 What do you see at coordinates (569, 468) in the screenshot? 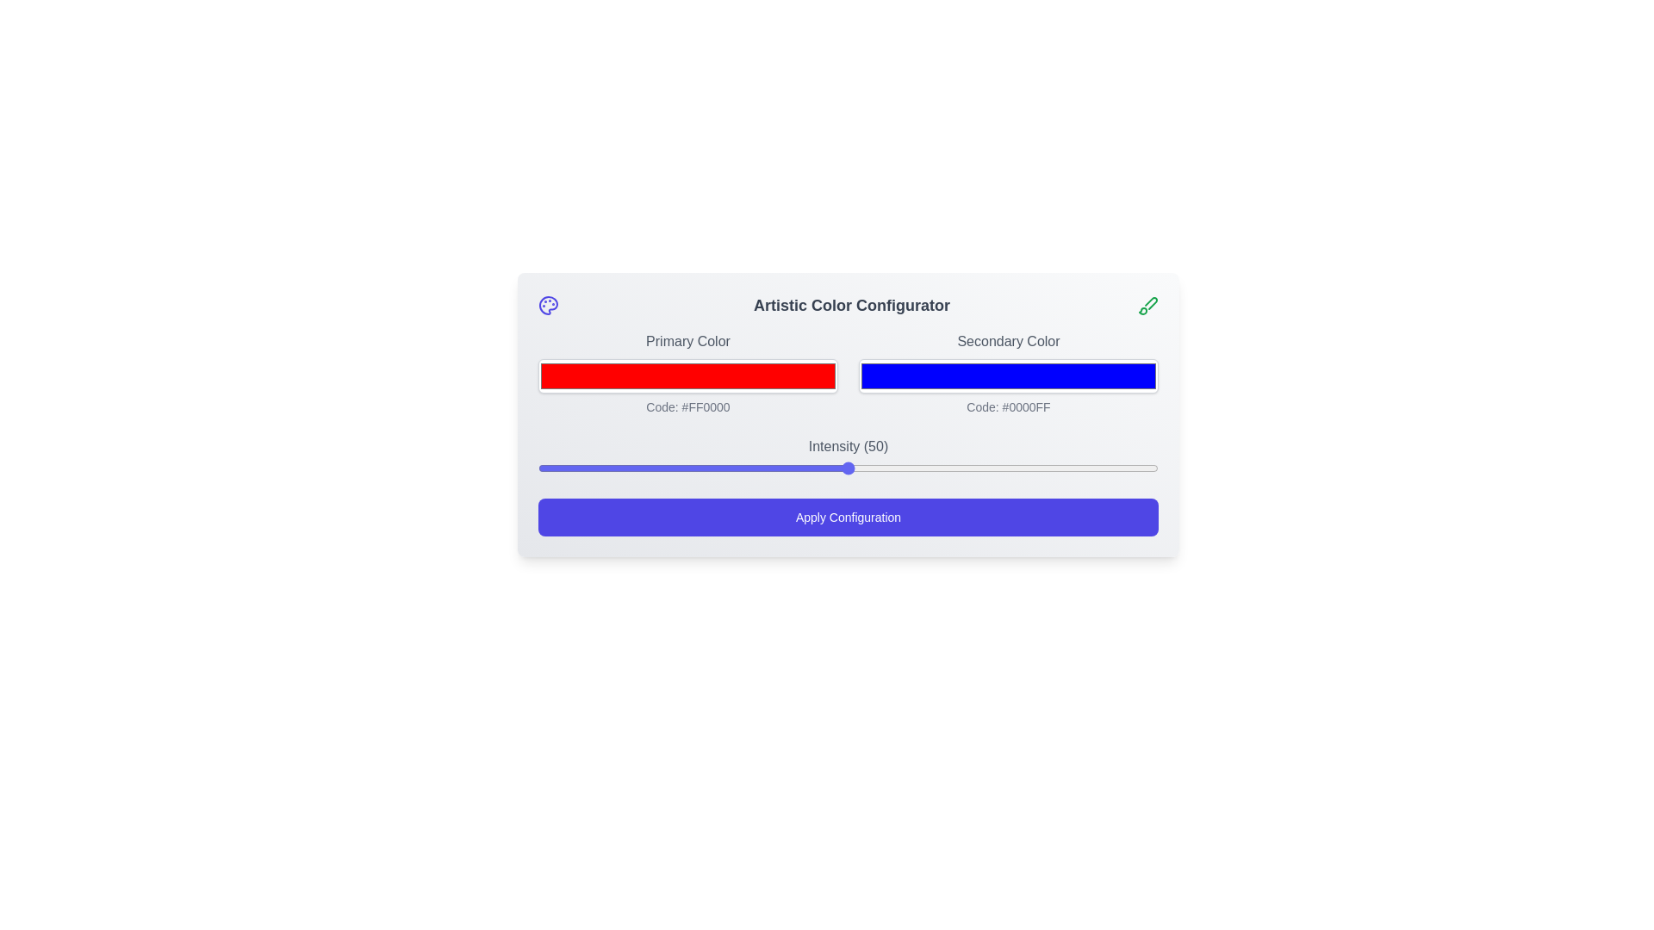
I see `the intensity to 5 using the slider control` at bounding box center [569, 468].